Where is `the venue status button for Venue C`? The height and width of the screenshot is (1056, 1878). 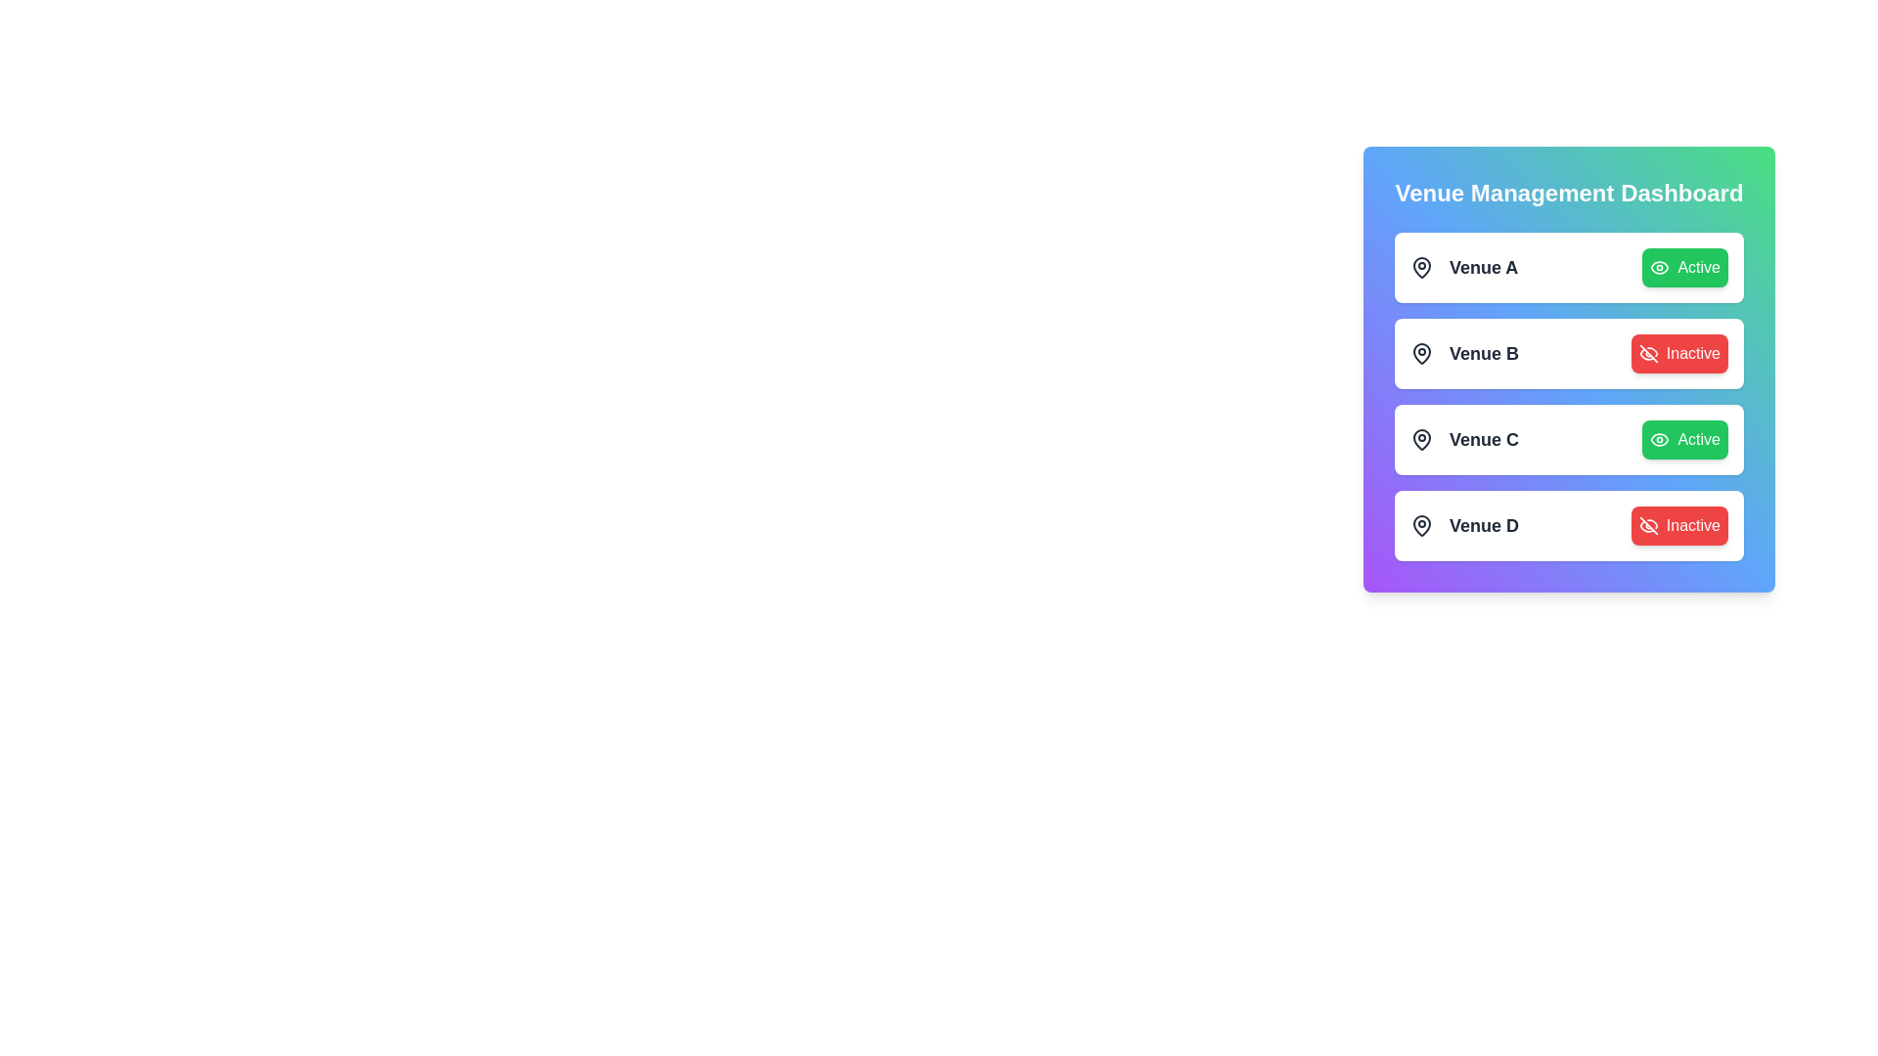
the venue status button for Venue C is located at coordinates (1684, 440).